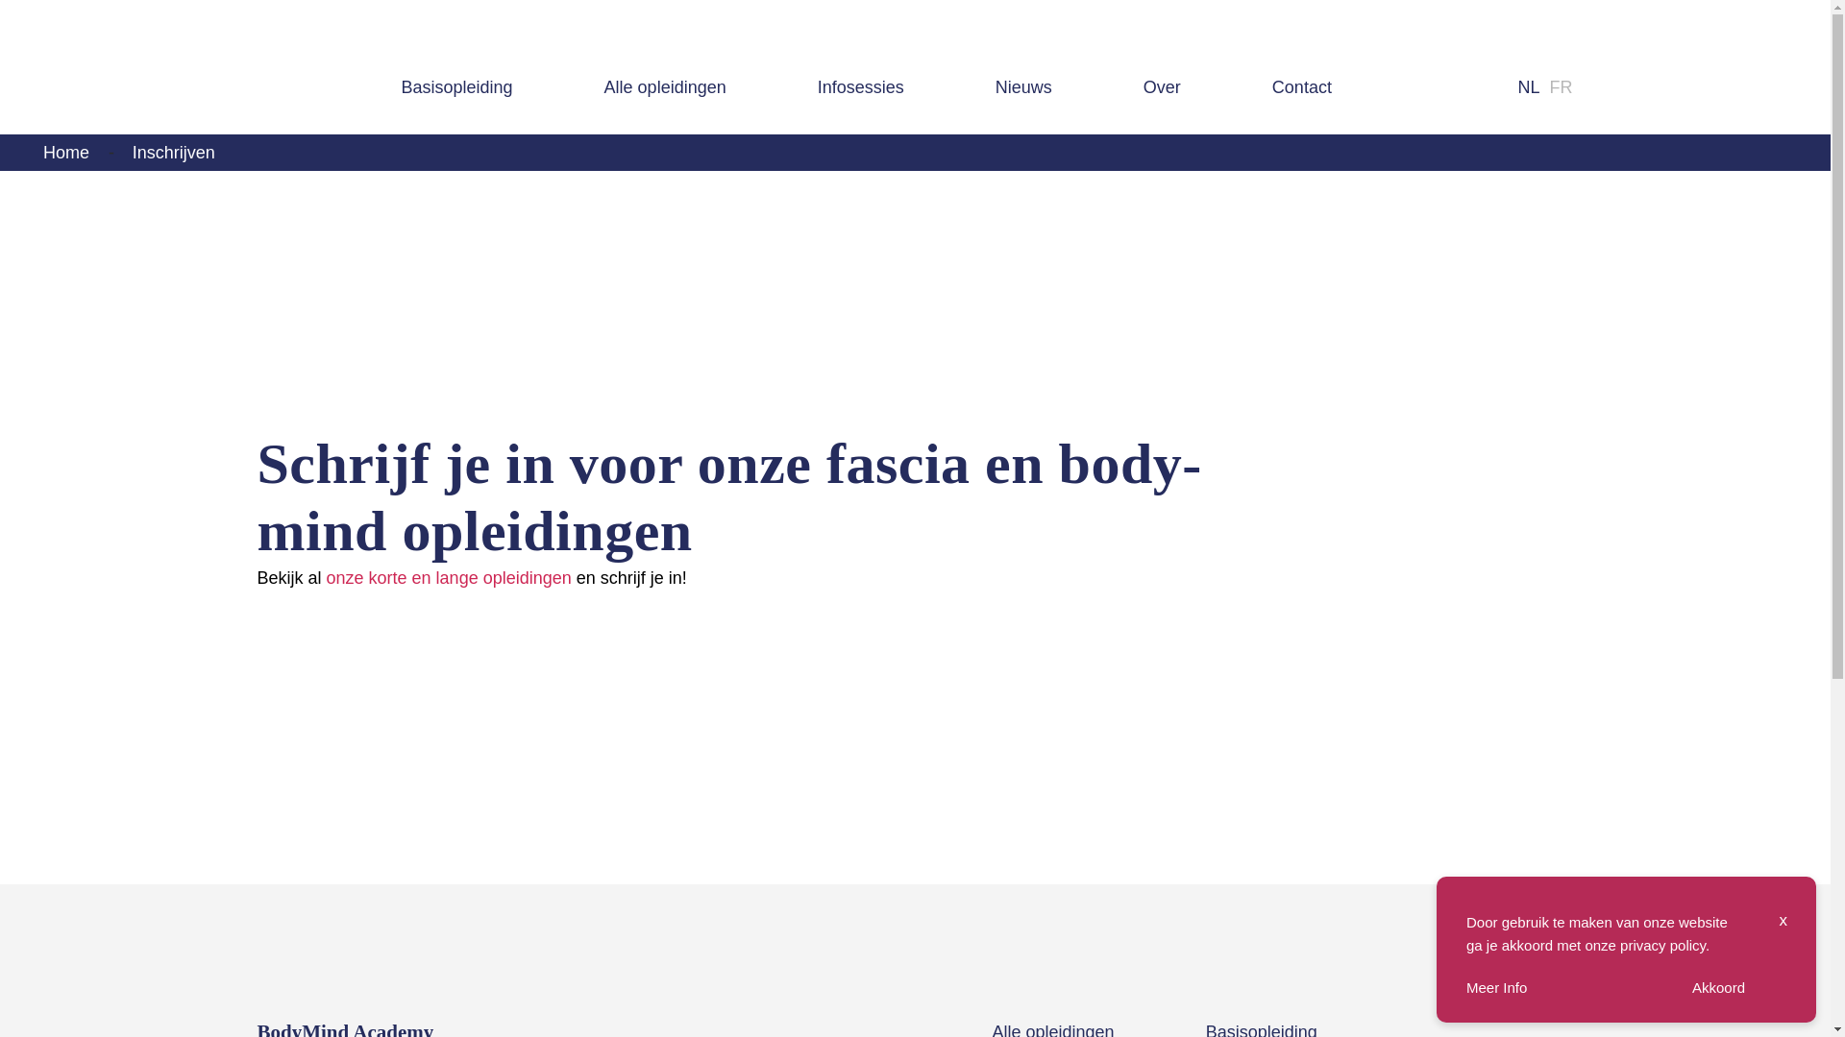 The image size is (1845, 1037). What do you see at coordinates (1022, 87) in the screenshot?
I see `'Nieuws'` at bounding box center [1022, 87].